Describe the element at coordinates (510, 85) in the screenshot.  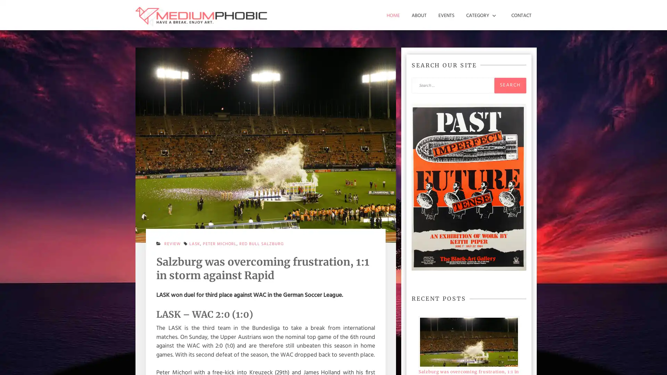
I see `Search` at that location.